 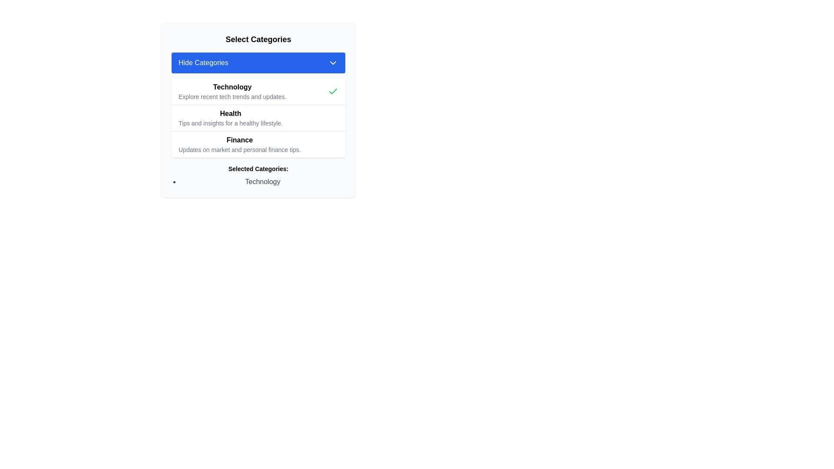 What do you see at coordinates (333, 91) in the screenshot?
I see `the checkmark icon indicating the selection or confirmation of the 'Technology' category, located in the right section of the category item` at bounding box center [333, 91].